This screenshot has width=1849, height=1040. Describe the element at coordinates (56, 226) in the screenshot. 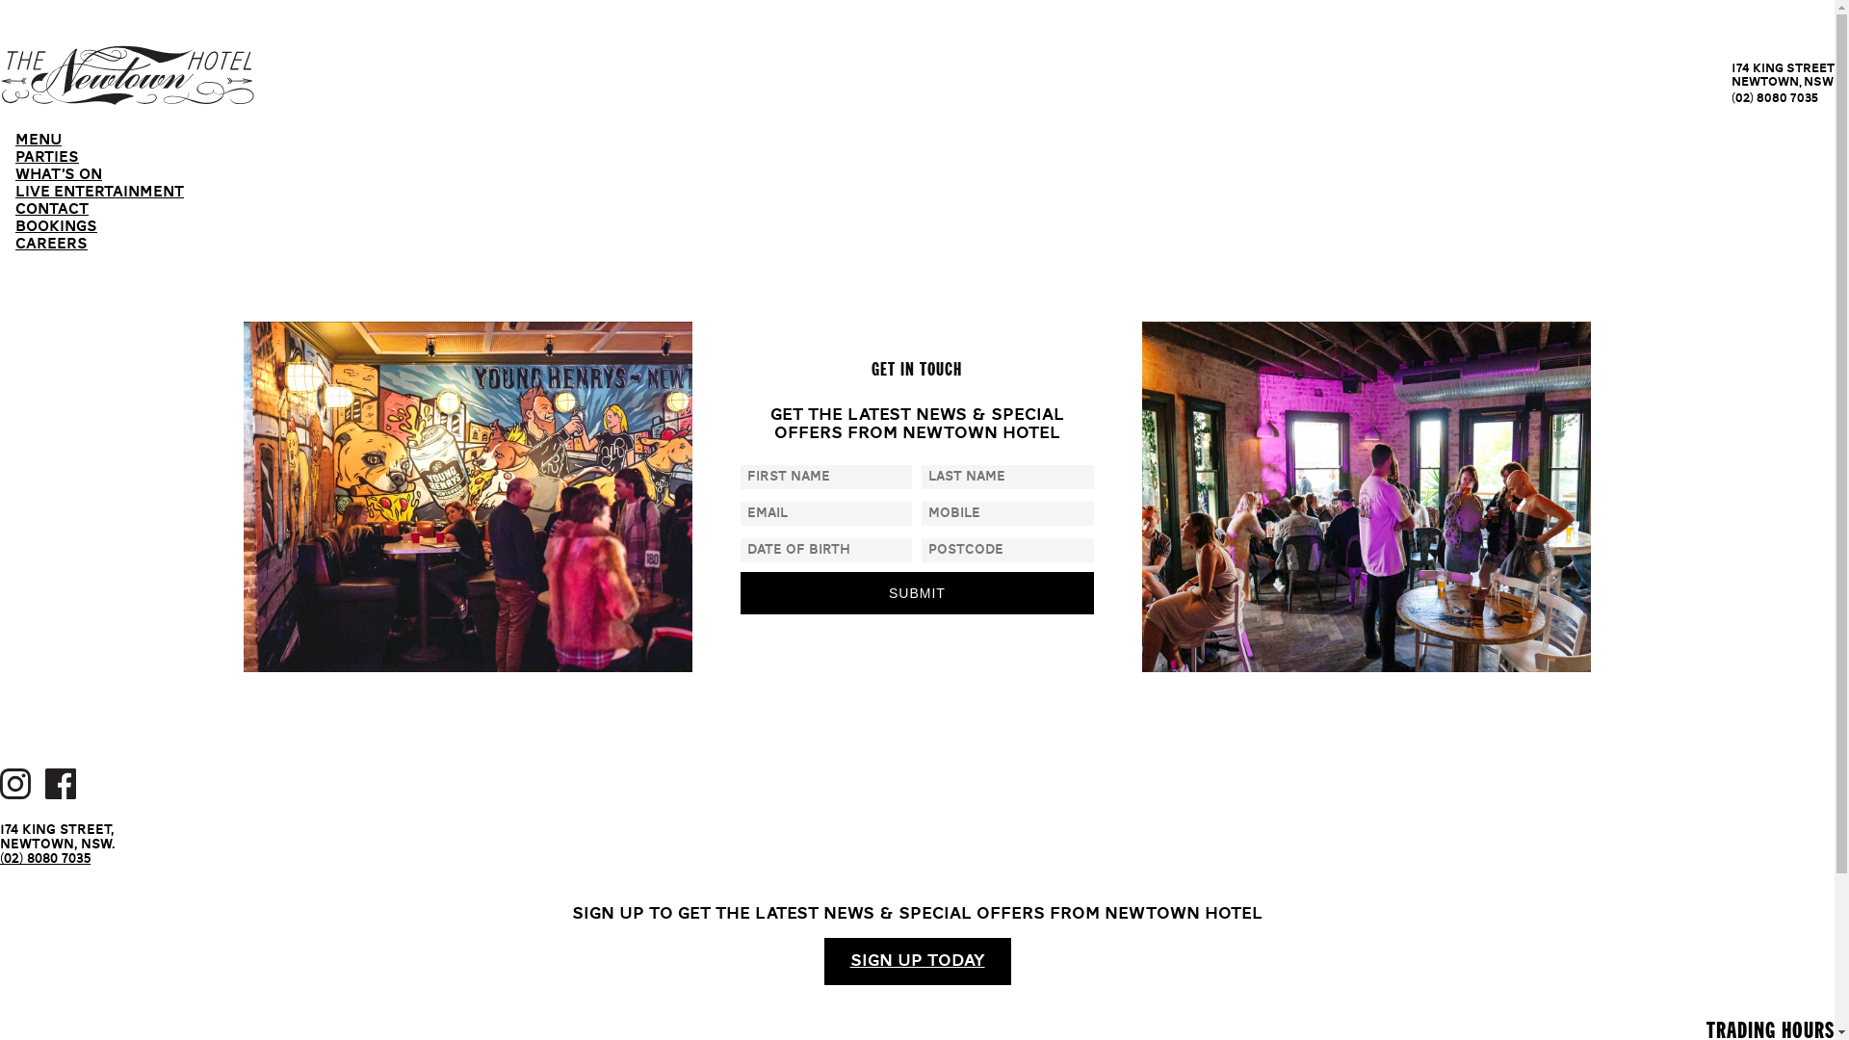

I see `'BOOKINGS'` at that location.